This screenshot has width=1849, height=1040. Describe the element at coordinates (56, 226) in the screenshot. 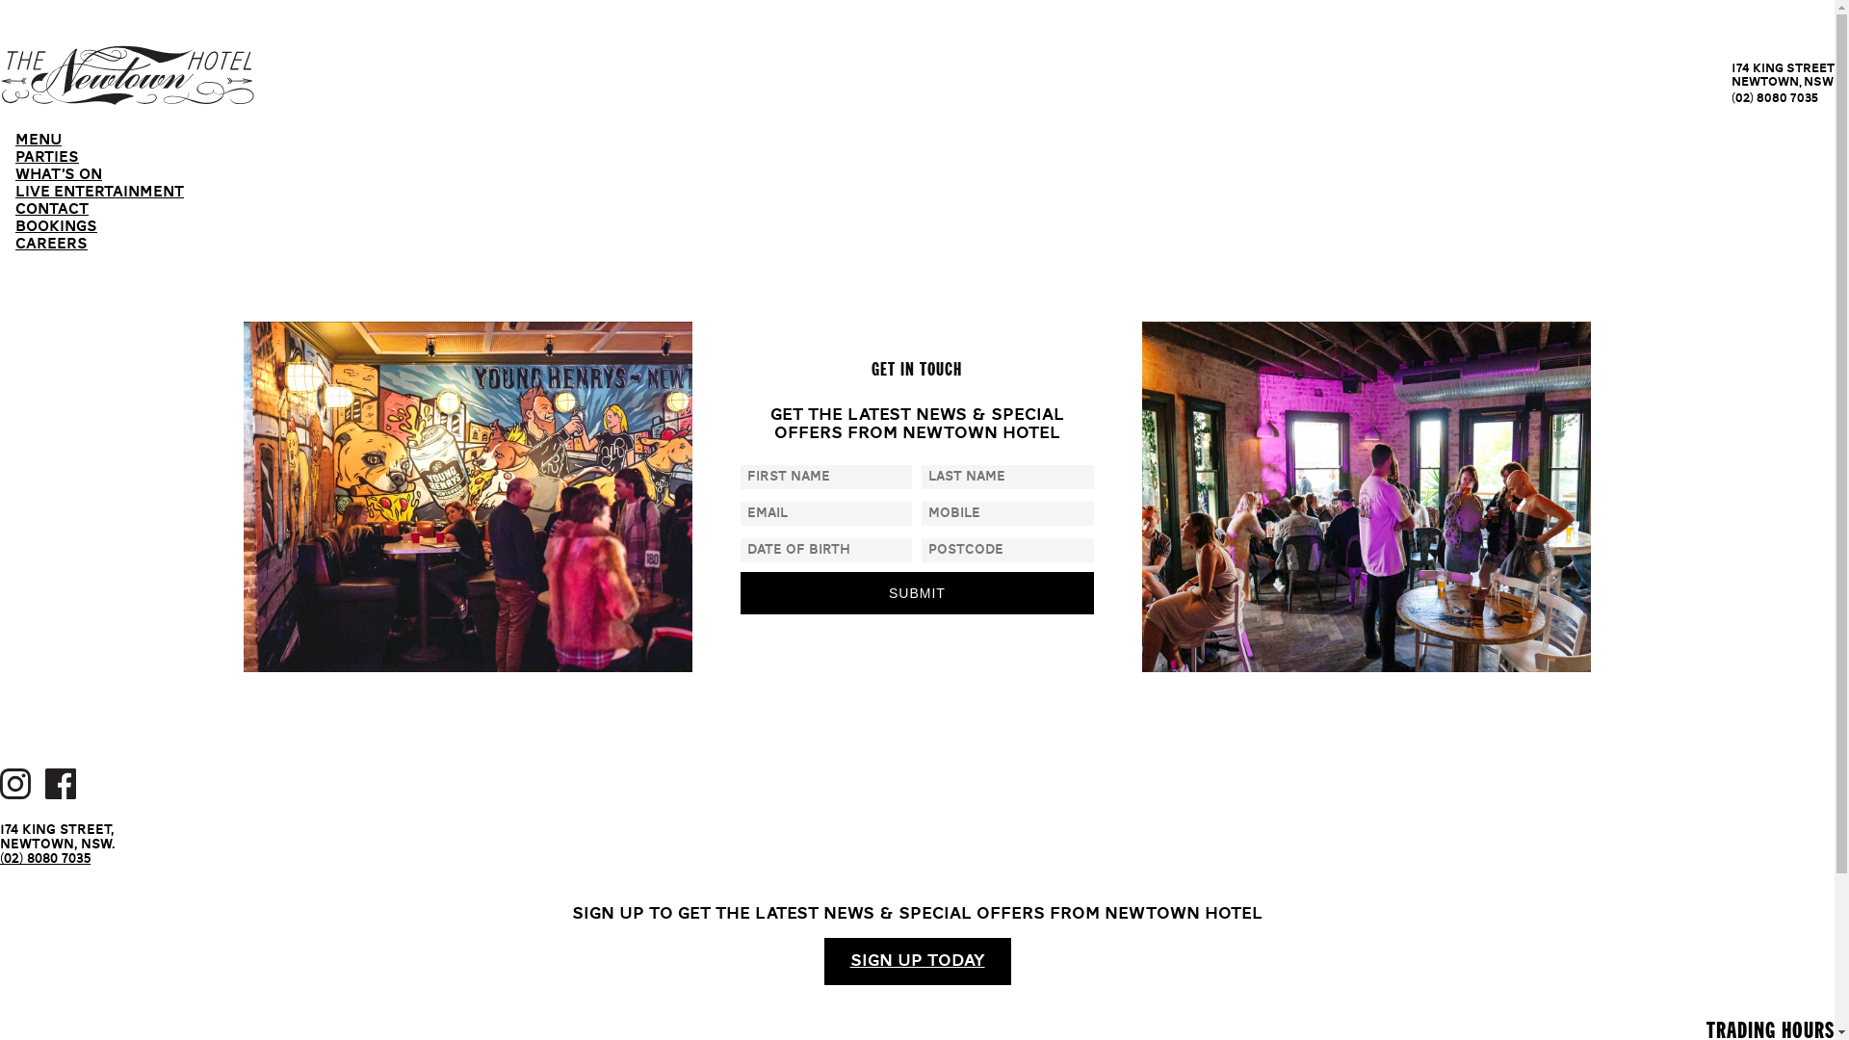

I see `'BOOKINGS'` at that location.